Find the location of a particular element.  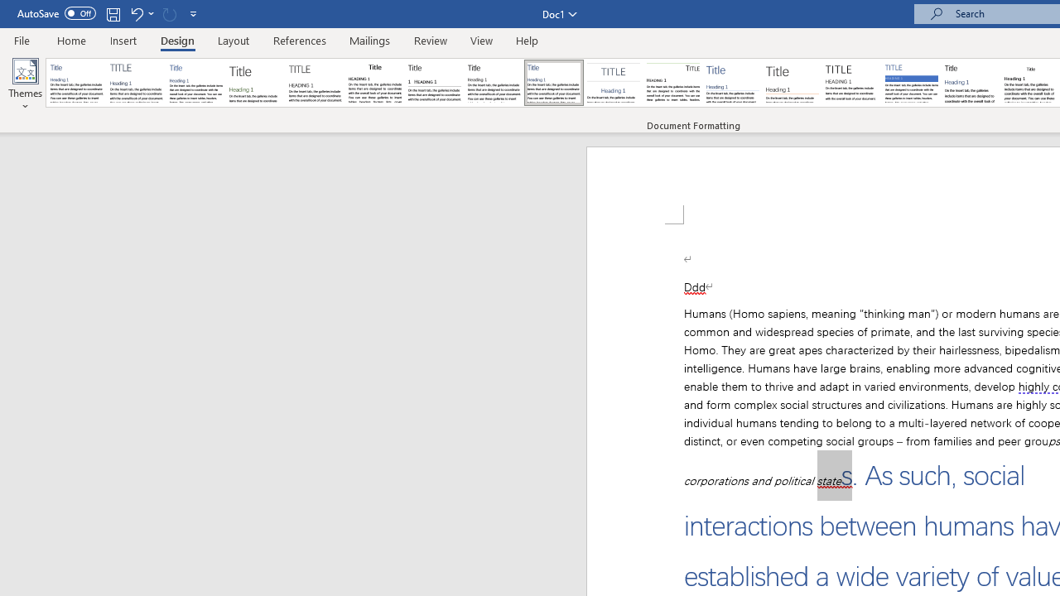

'Word' is located at coordinates (971, 83).